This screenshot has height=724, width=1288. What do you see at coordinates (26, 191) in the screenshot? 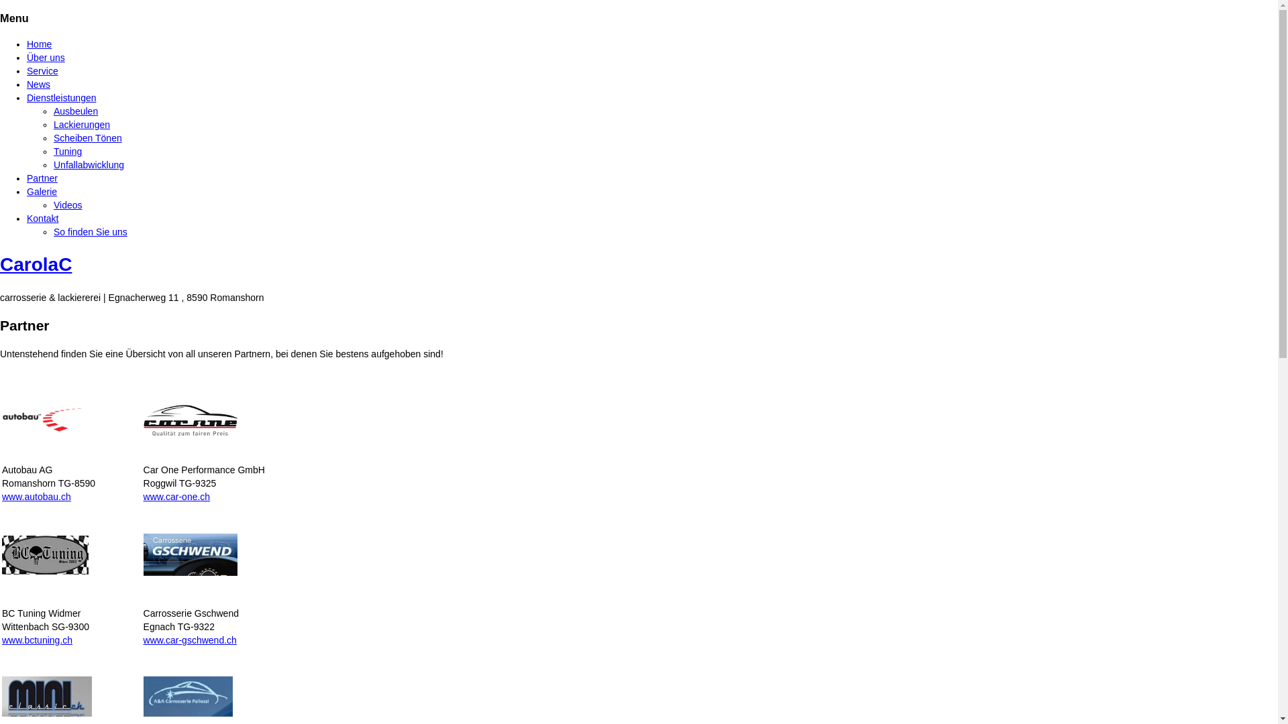
I see `'Galerie'` at bounding box center [26, 191].